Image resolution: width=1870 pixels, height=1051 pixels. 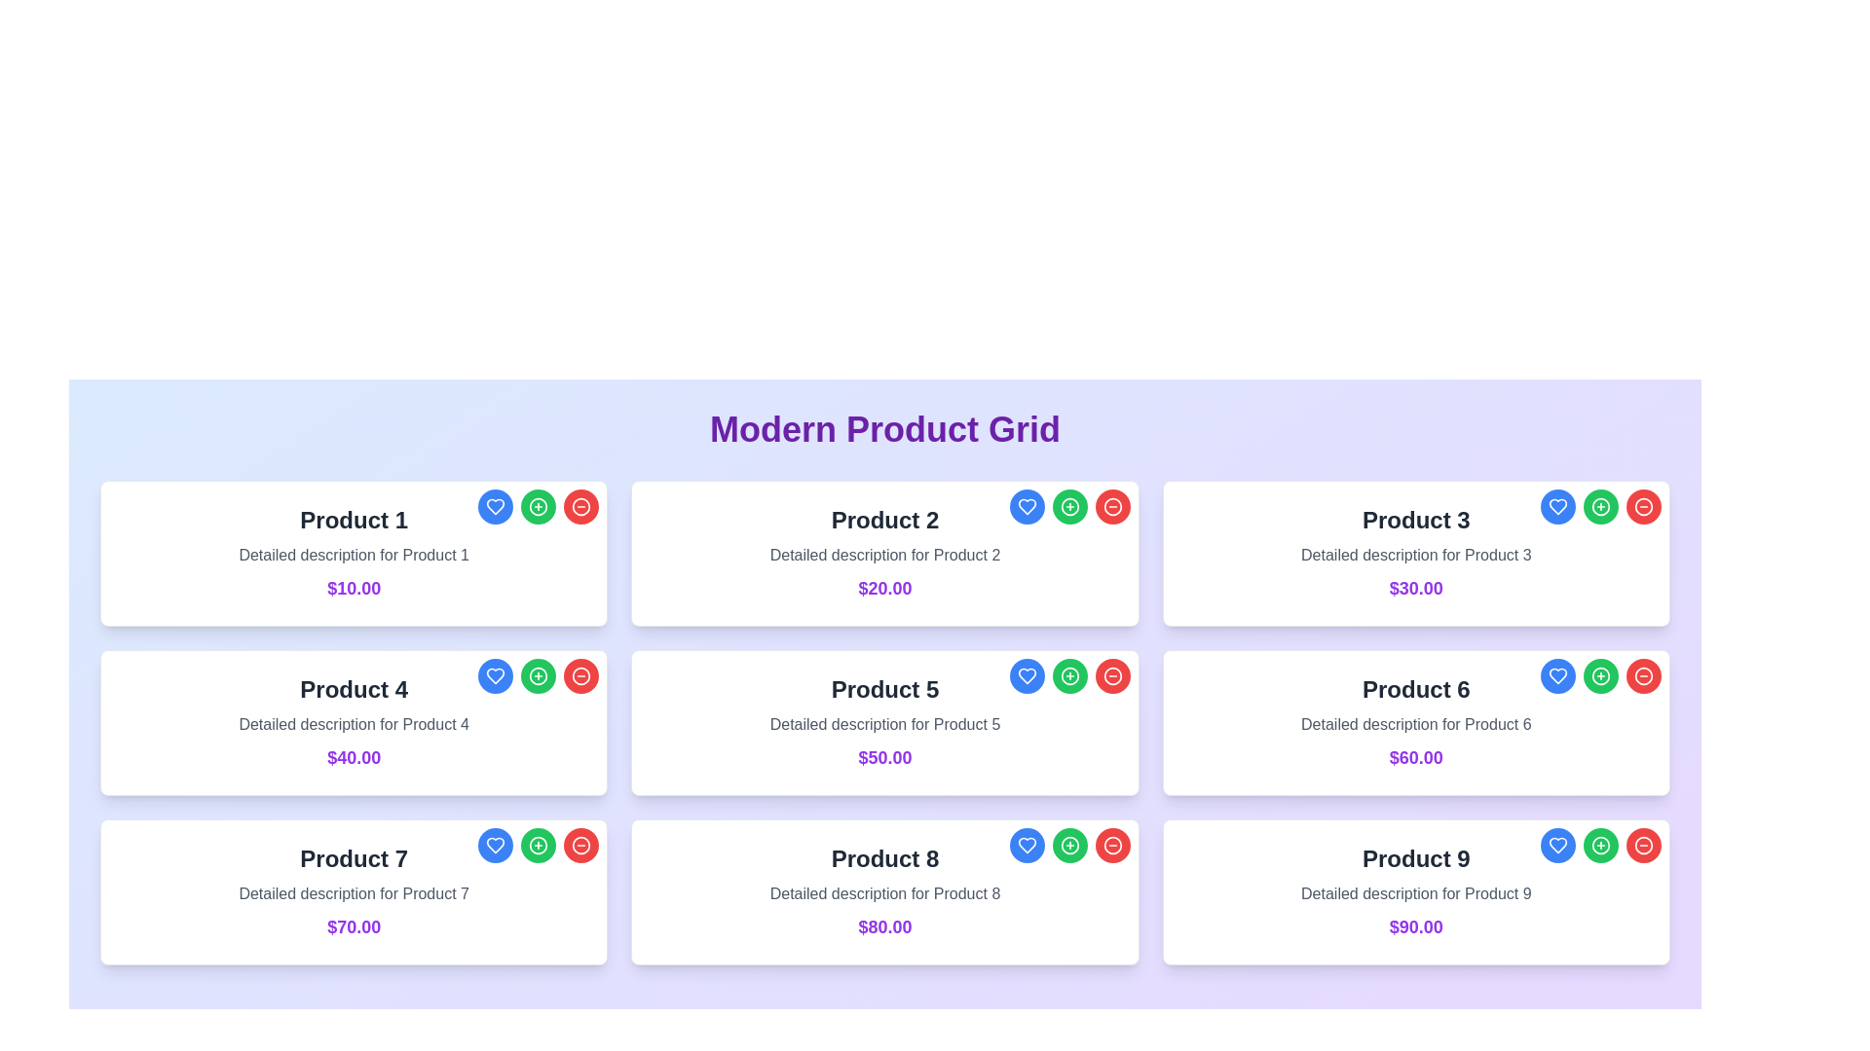 I want to click on the 'Favorite' button located in the top-right corner of the 'Product 1' card, so click(x=496, y=505).